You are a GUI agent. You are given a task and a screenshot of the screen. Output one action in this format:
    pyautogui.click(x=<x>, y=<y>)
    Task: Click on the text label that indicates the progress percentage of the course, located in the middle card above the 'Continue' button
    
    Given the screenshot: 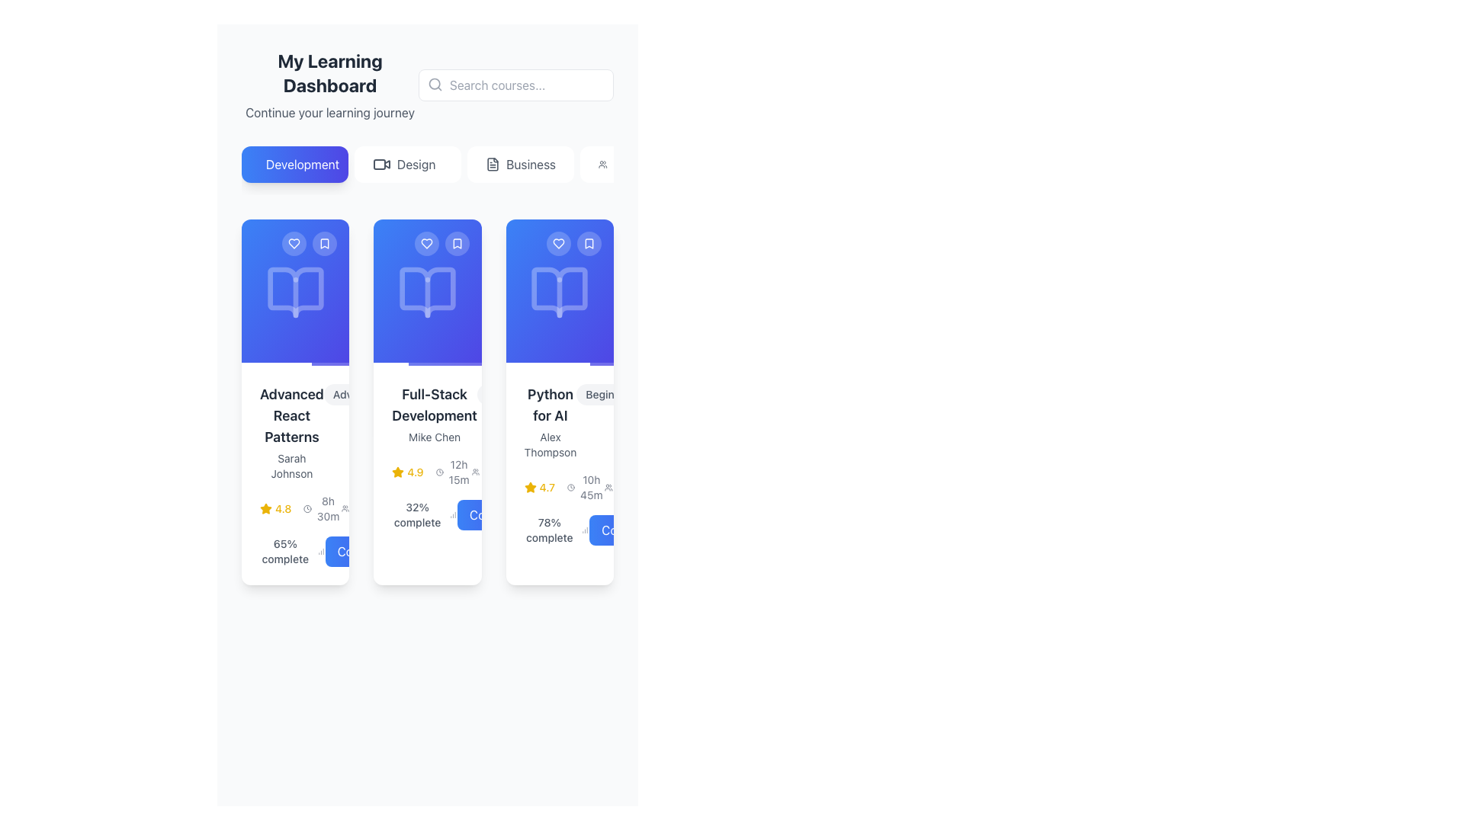 What is the action you would take?
    pyautogui.click(x=417, y=514)
    